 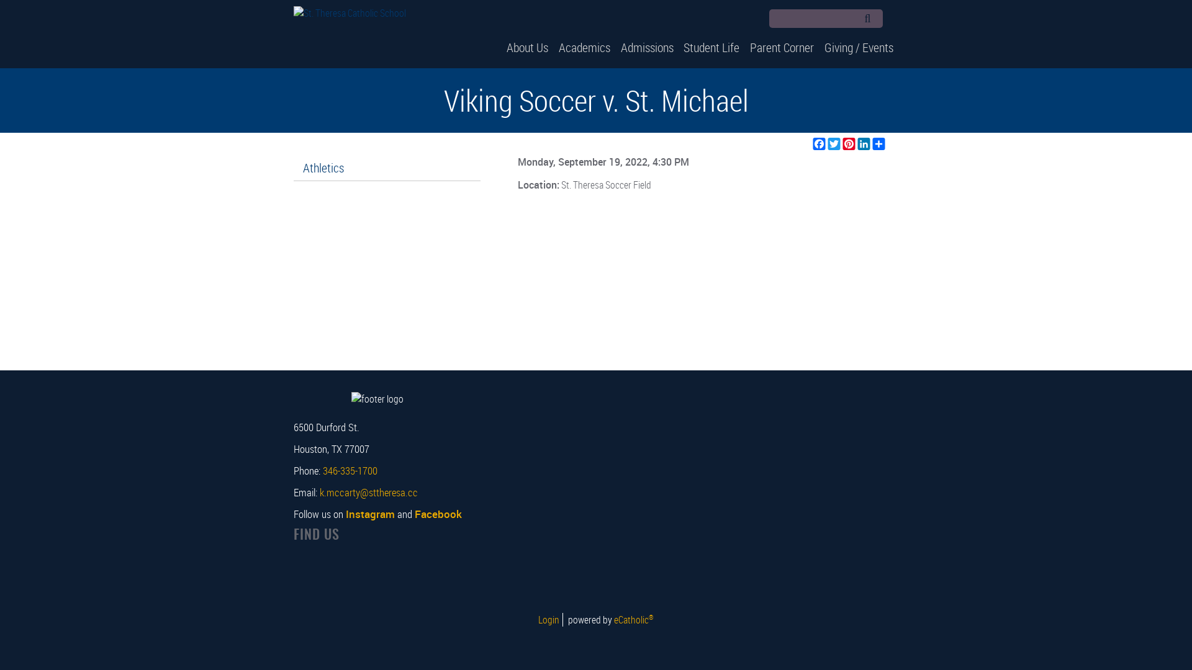 What do you see at coordinates (292, 167) in the screenshot?
I see `'Athletics'` at bounding box center [292, 167].